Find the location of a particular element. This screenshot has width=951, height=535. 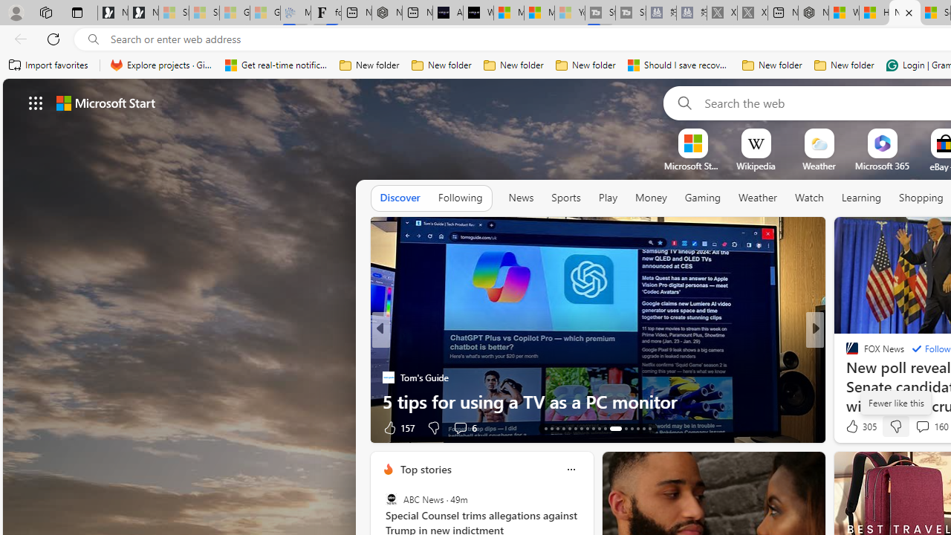

'AutomationID: tab-24' is located at coordinates (615, 429).